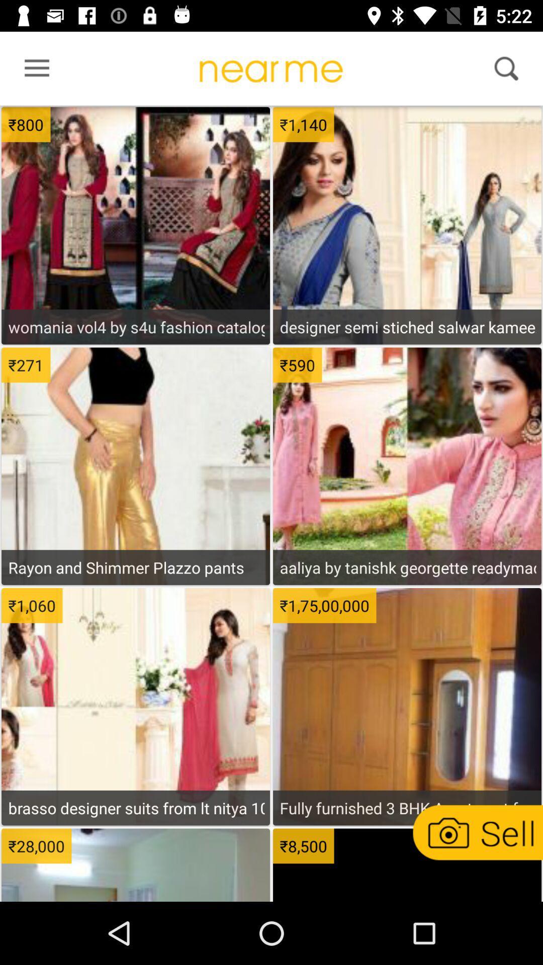 The image size is (543, 965). I want to click on the womania vol4 by icon, so click(136, 327).